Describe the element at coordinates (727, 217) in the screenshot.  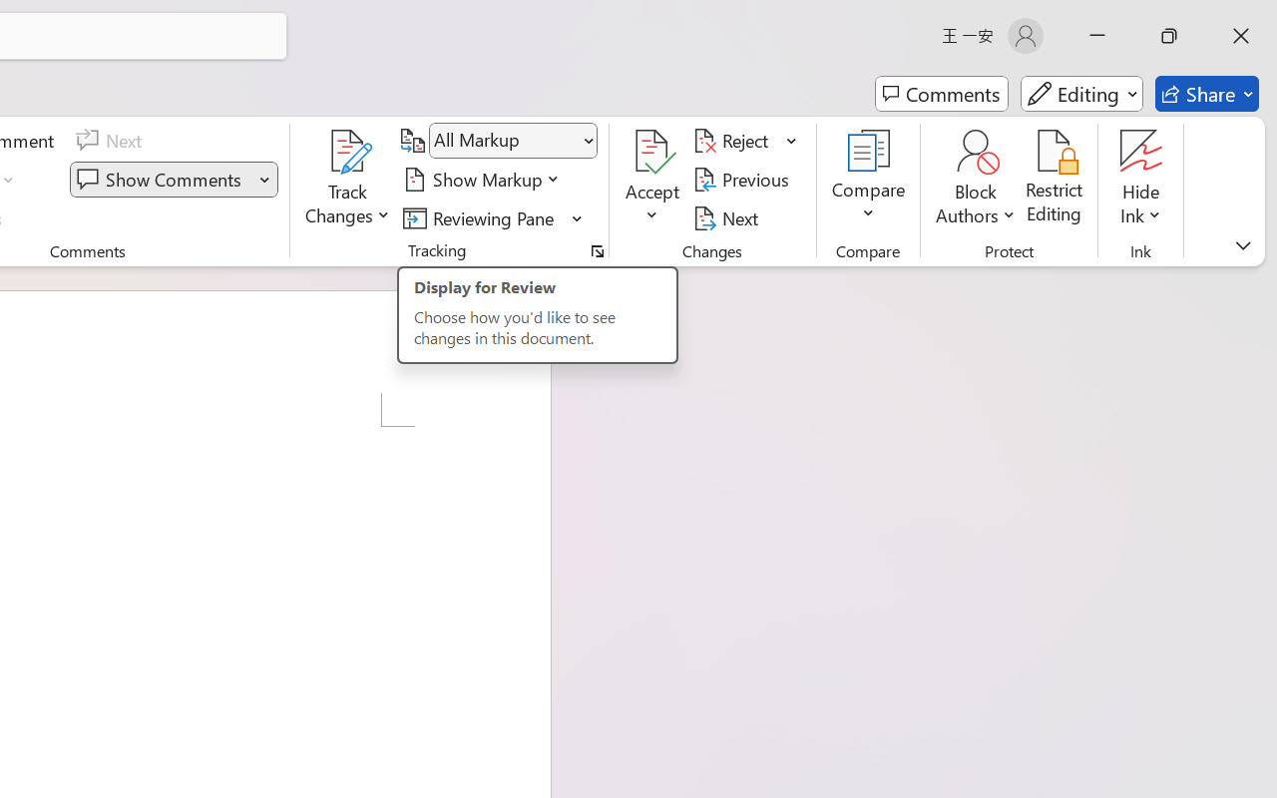
I see `'Next'` at that location.